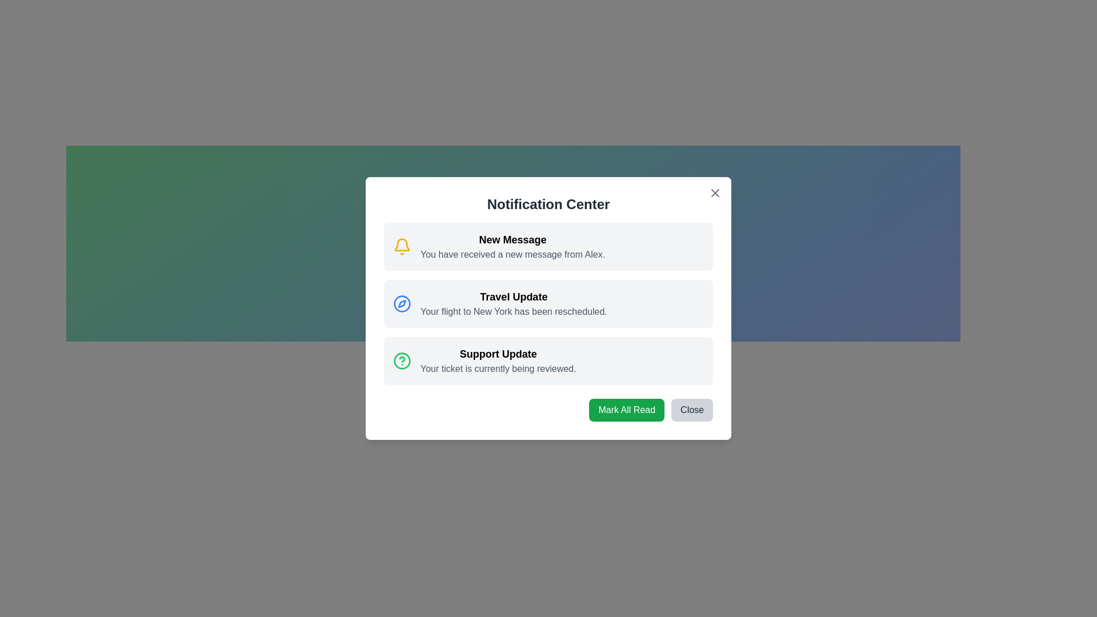 This screenshot has height=617, width=1097. Describe the element at coordinates (512, 239) in the screenshot. I see `bold text label 'New Message' located at the top of the first notification panel in the 'Notification Center' window, which is styled with a large font size and is aligned with the yellow bell icon` at that location.